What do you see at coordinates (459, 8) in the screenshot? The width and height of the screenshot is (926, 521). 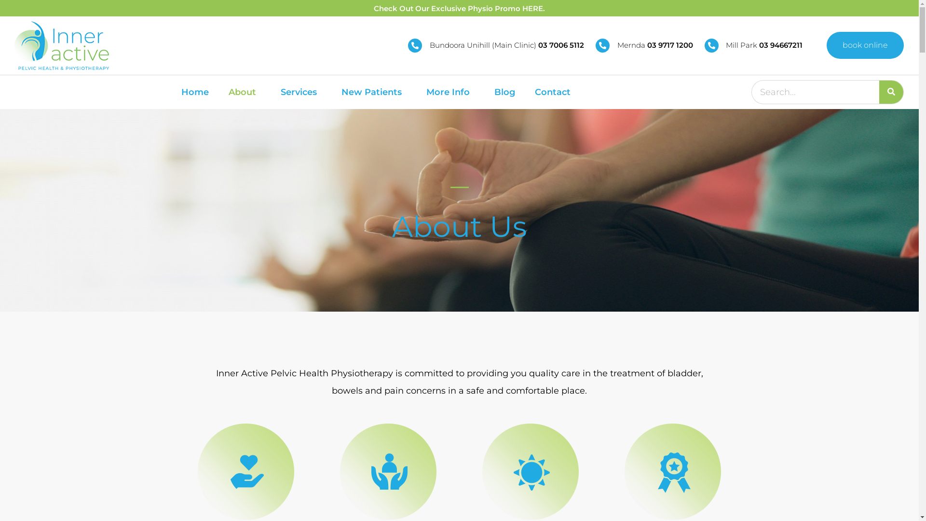 I see `'Check Out Our Exclusive Physio Promo HERE.'` at bounding box center [459, 8].